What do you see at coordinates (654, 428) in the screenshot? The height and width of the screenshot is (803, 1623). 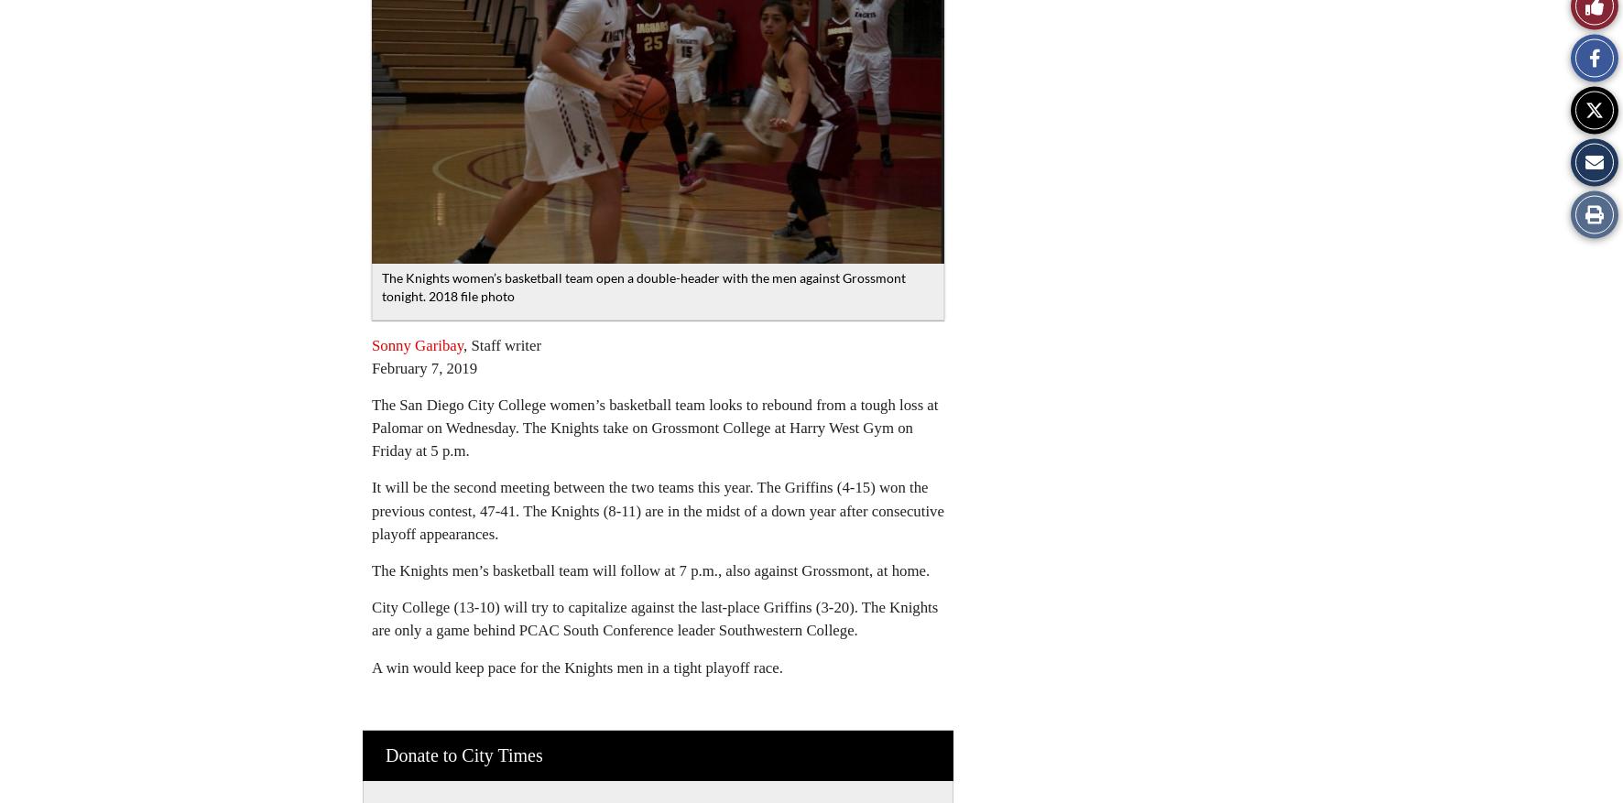 I see `'The San Diego City College women’s basketball team looks to rebound from a tough loss at Palomar on Wednesday. The Knights take on Grossmont College at Harry West Gym on Friday at 5 p.m.'` at bounding box center [654, 428].